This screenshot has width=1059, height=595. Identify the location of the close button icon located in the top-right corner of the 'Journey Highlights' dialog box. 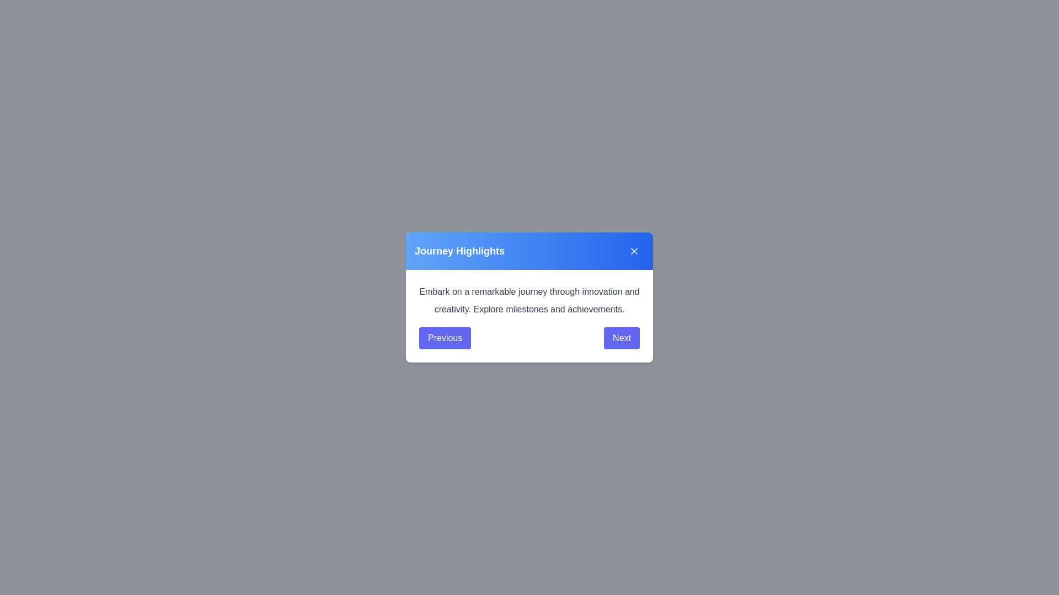
(634, 251).